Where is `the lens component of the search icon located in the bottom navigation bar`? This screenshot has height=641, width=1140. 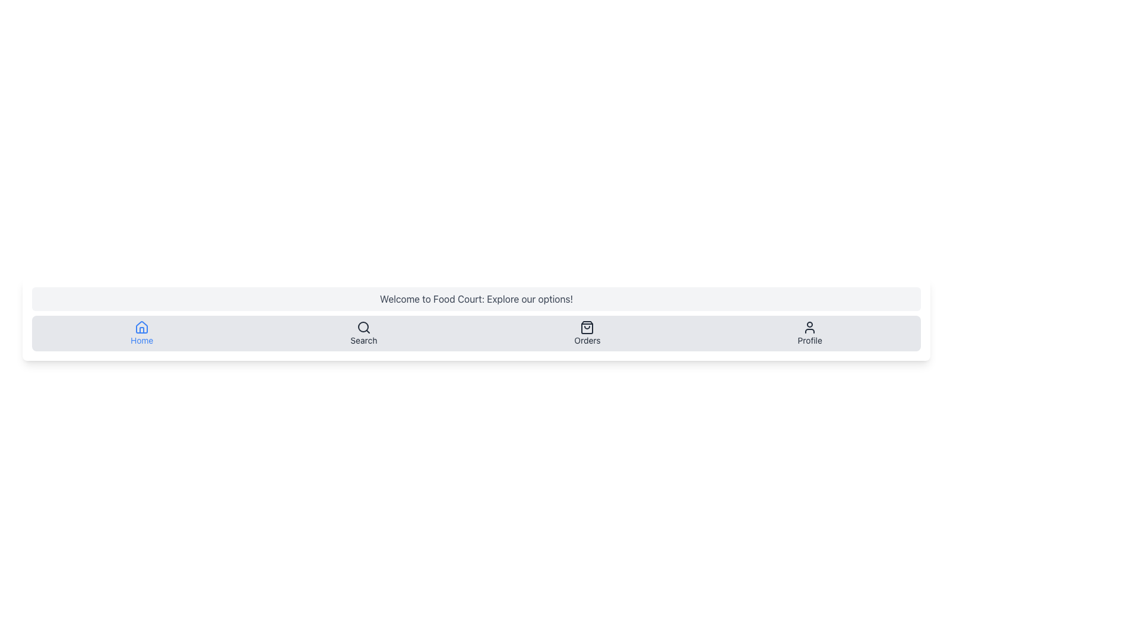
the lens component of the search icon located in the bottom navigation bar is located at coordinates (362, 327).